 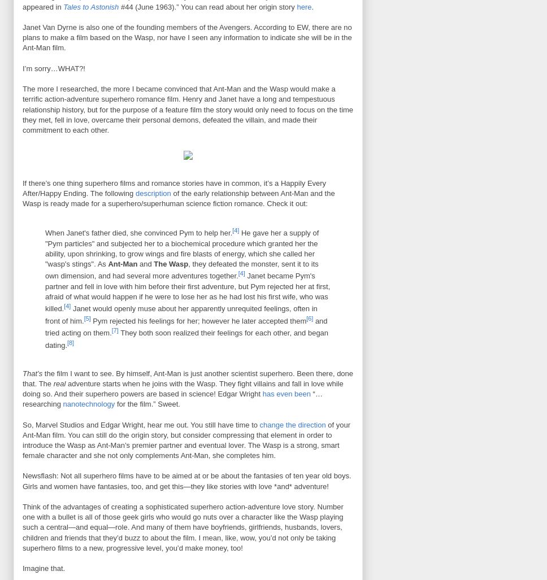 I want to click on 'change
the direction', so click(x=292, y=424).